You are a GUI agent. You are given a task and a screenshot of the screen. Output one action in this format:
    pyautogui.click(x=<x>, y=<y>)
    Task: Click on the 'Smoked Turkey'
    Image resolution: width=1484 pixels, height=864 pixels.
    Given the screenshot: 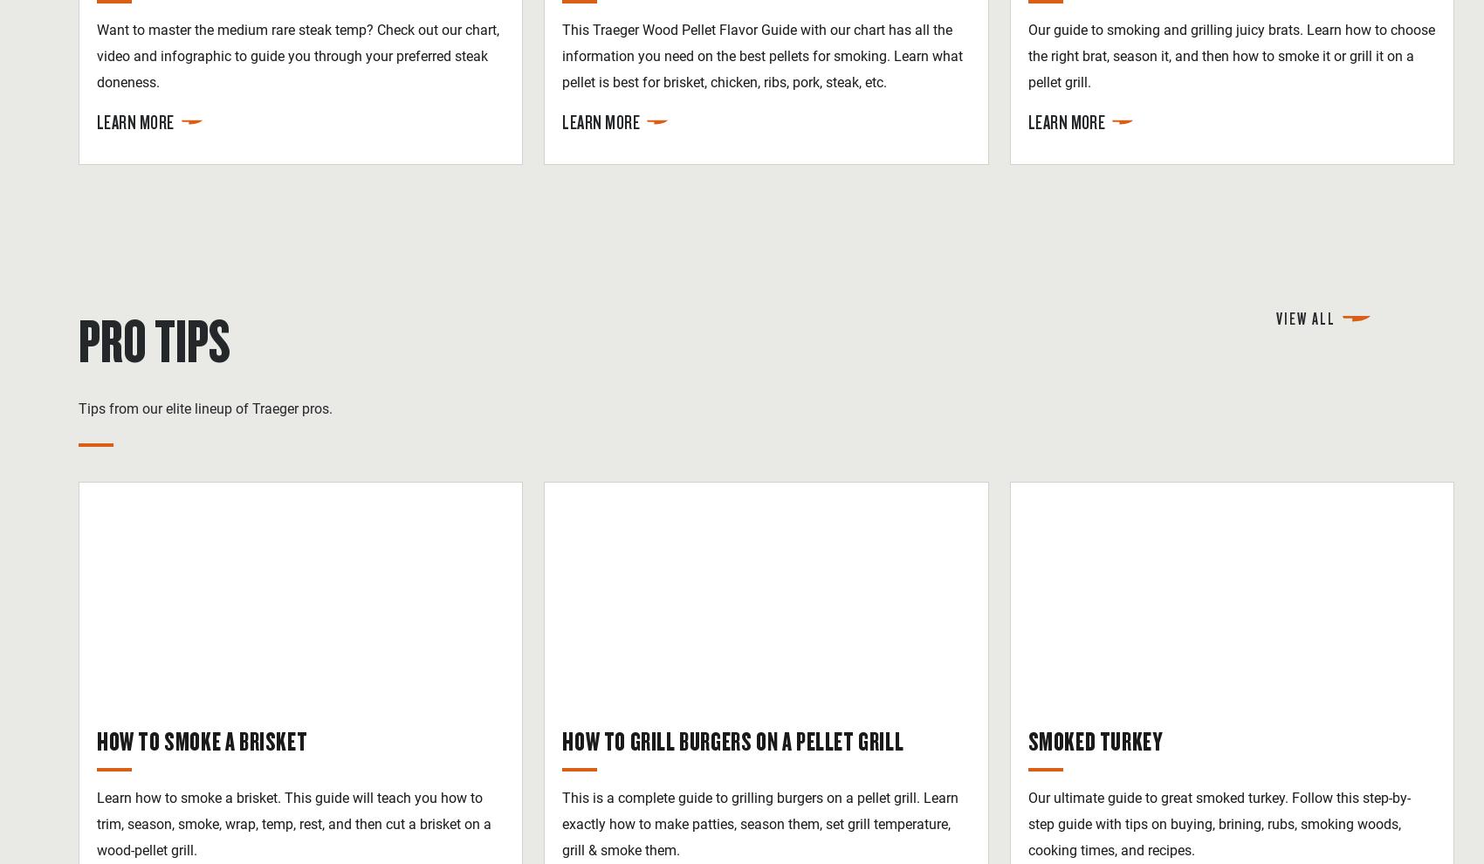 What is the action you would take?
    pyautogui.click(x=1094, y=740)
    